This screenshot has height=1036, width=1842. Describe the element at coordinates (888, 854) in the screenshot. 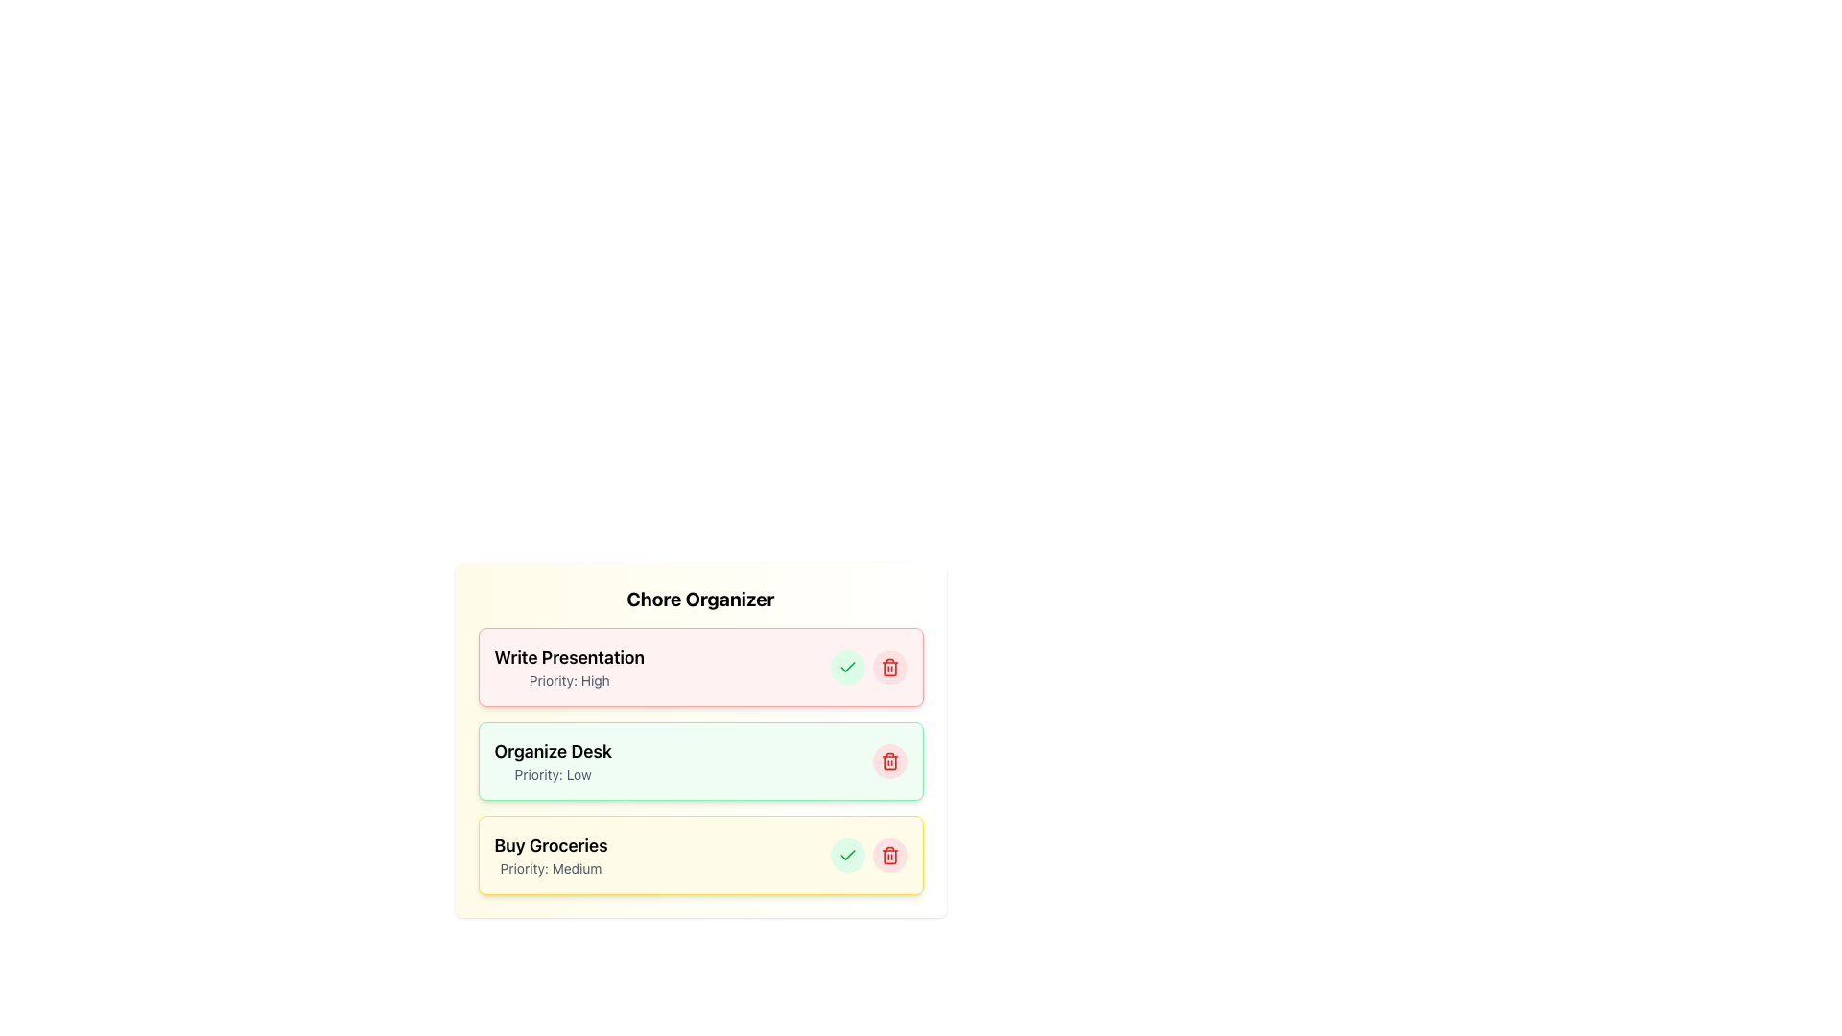

I see `the rounded red button with a trash bin icon located to the right of the 'Buy Groceries' list item in the 'Chore Organizer' interface` at that location.